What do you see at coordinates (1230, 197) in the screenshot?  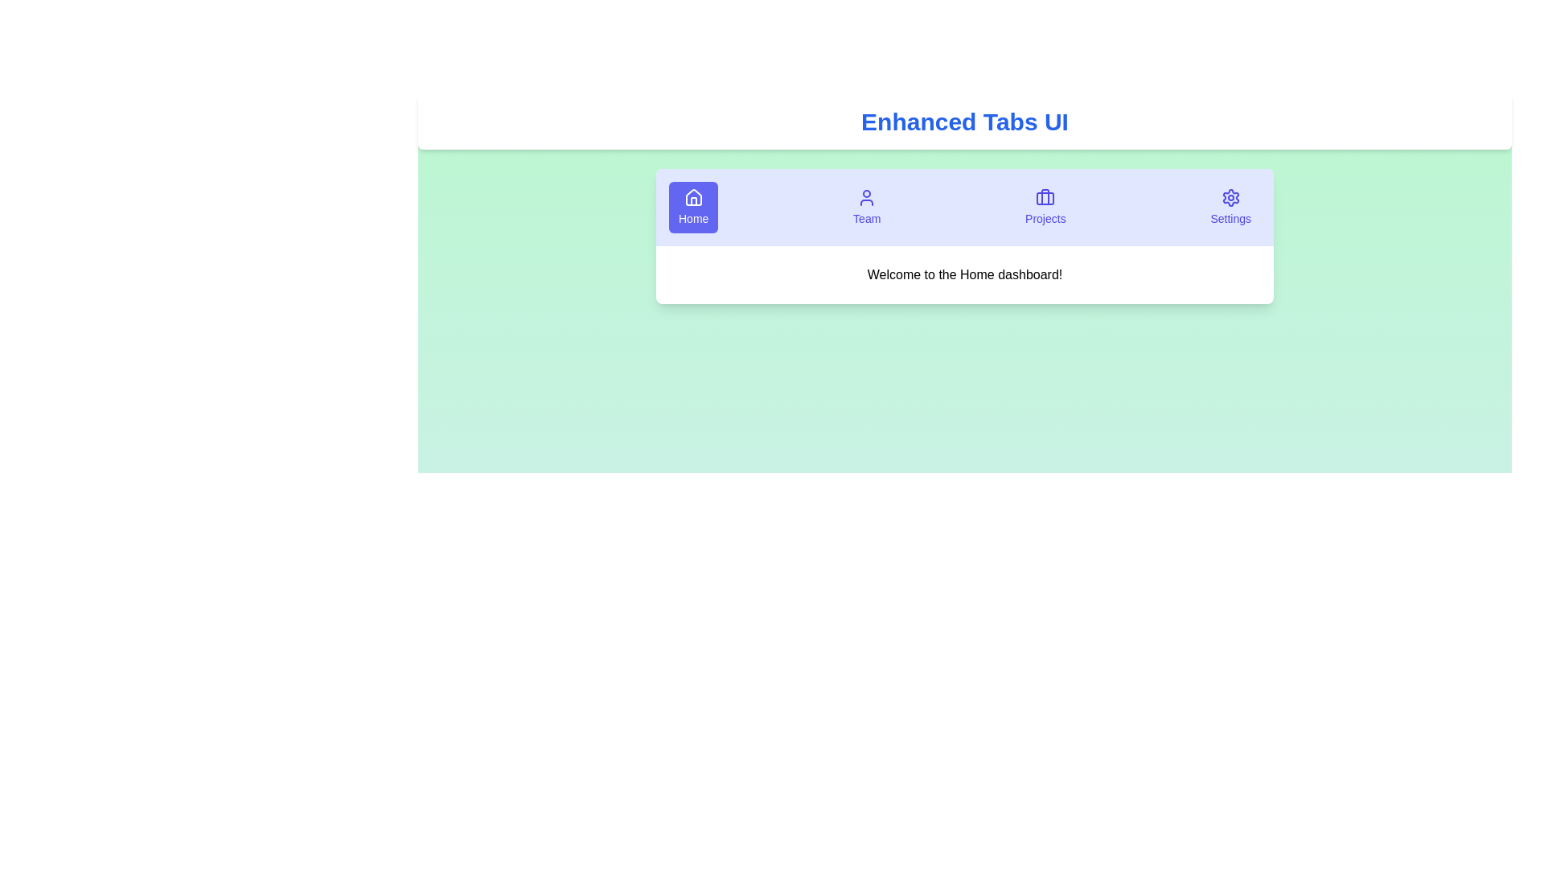 I see `the SVG settings cogwheel icon located next to the 'Settings' label in the navigation menu` at bounding box center [1230, 197].